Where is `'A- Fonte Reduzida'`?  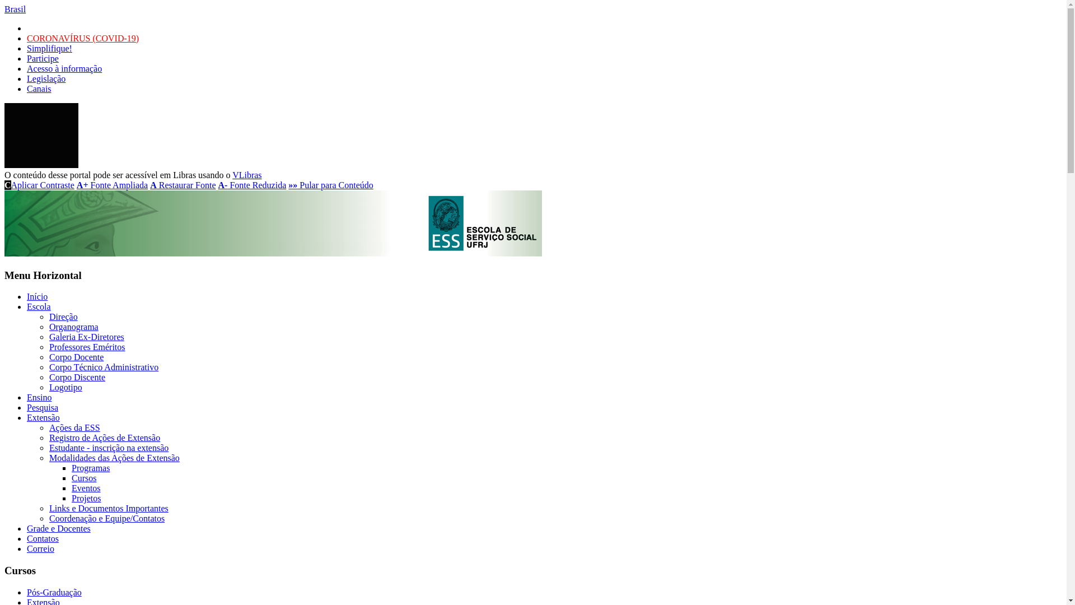
'A- Fonte Reduzida' is located at coordinates (252, 184).